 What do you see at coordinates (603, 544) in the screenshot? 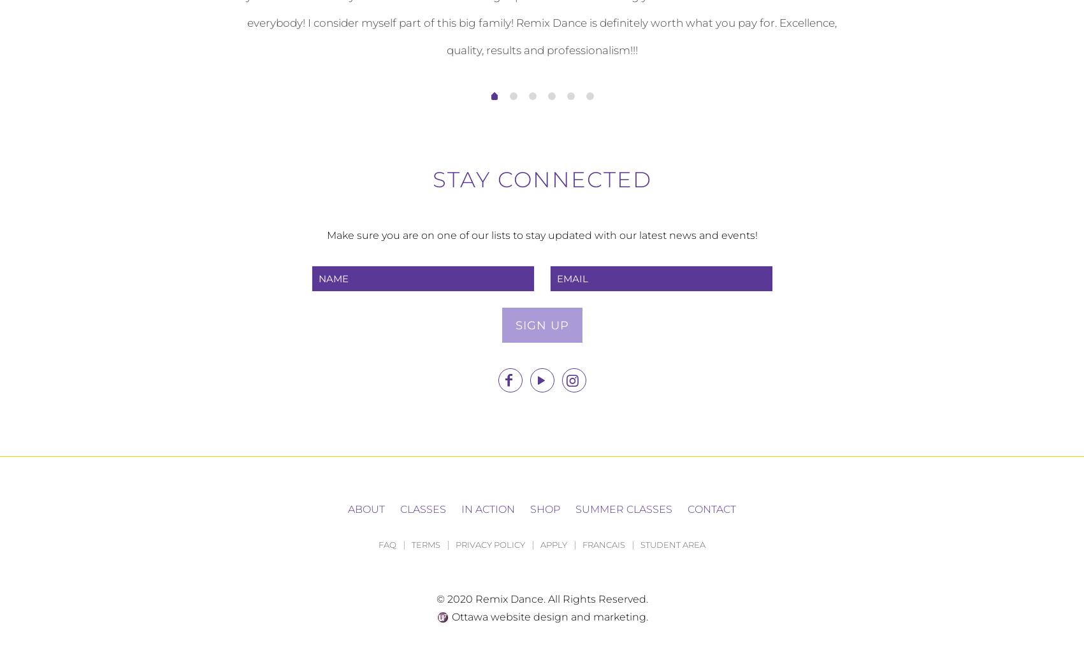
I see `'Francais'` at bounding box center [603, 544].